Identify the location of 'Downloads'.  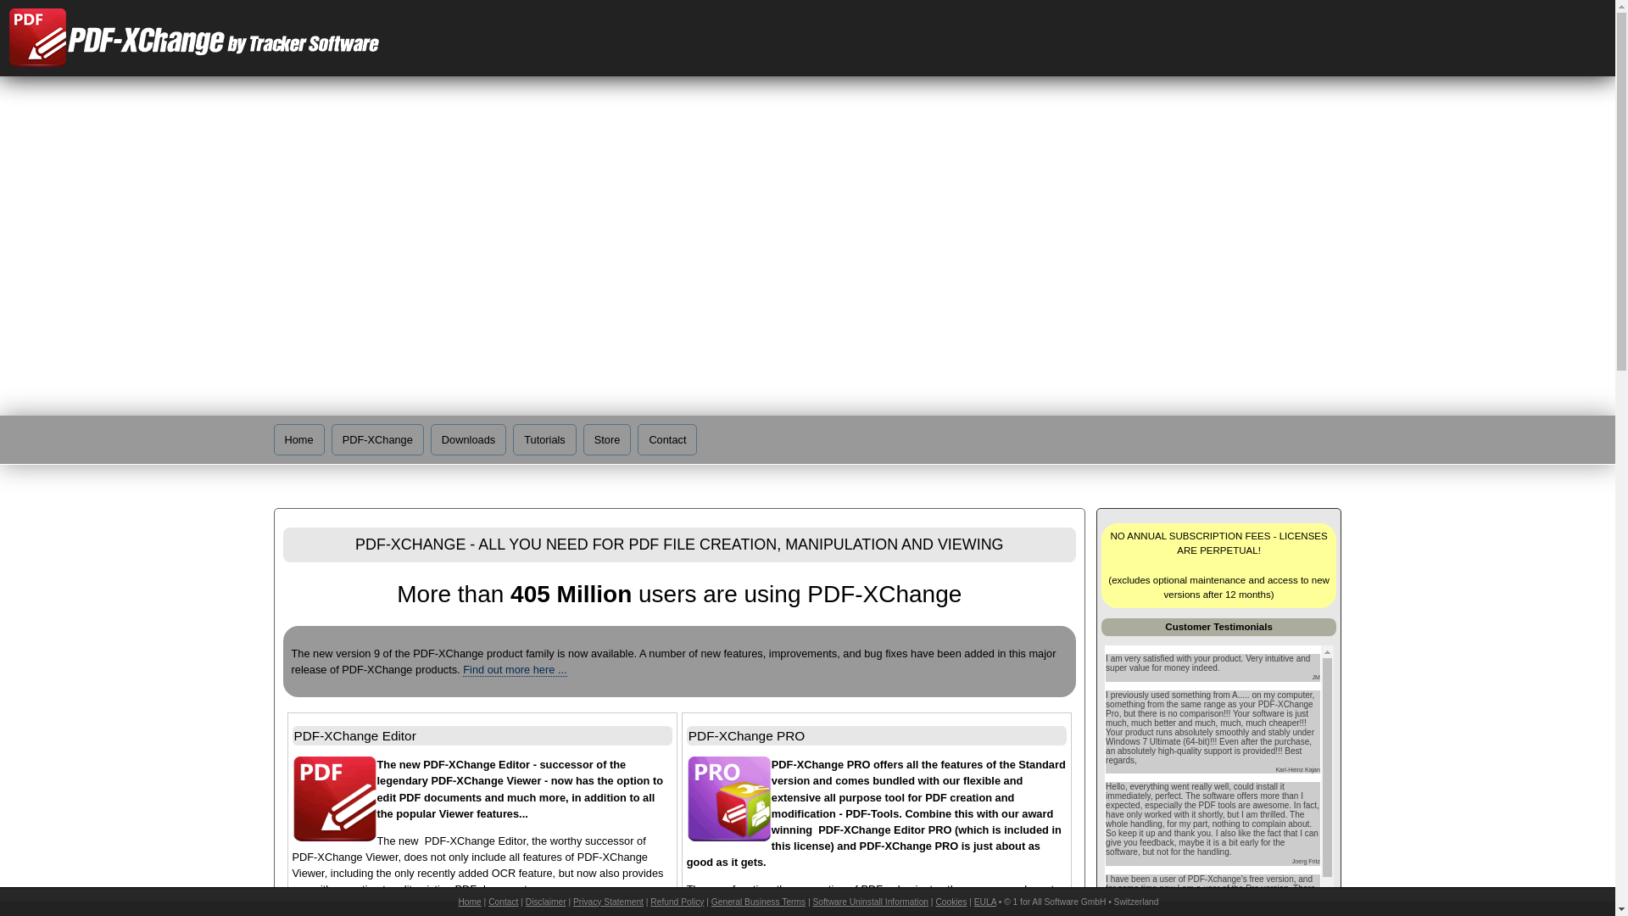
(468, 438).